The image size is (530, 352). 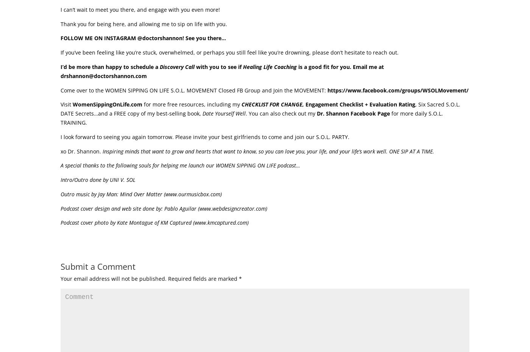 I want to click on 'CHECKLIST FOR CHANGE,', so click(x=241, y=104).